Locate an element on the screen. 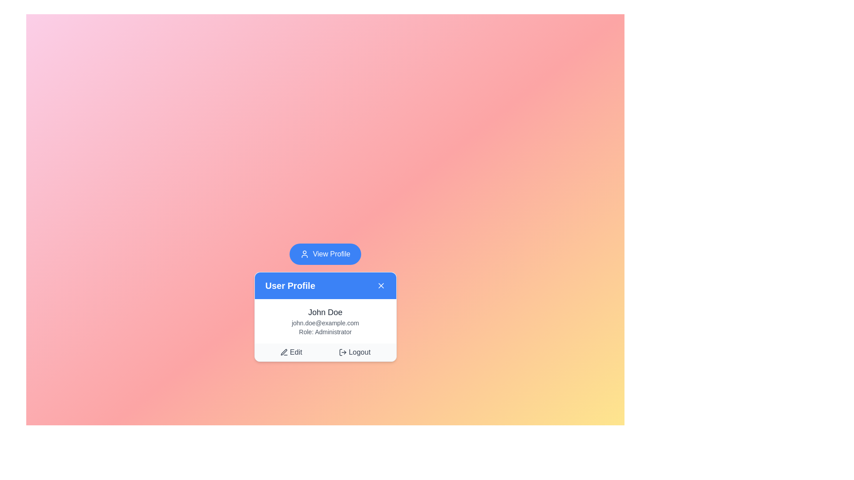 The height and width of the screenshot is (480, 854). the user profile icon located to the left of the 'View Profile' button, which reinforces the button's function is located at coordinates (305, 254).